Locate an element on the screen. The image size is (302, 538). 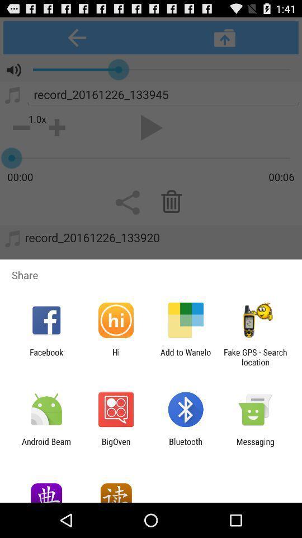
item next to the hi icon is located at coordinates (46, 356).